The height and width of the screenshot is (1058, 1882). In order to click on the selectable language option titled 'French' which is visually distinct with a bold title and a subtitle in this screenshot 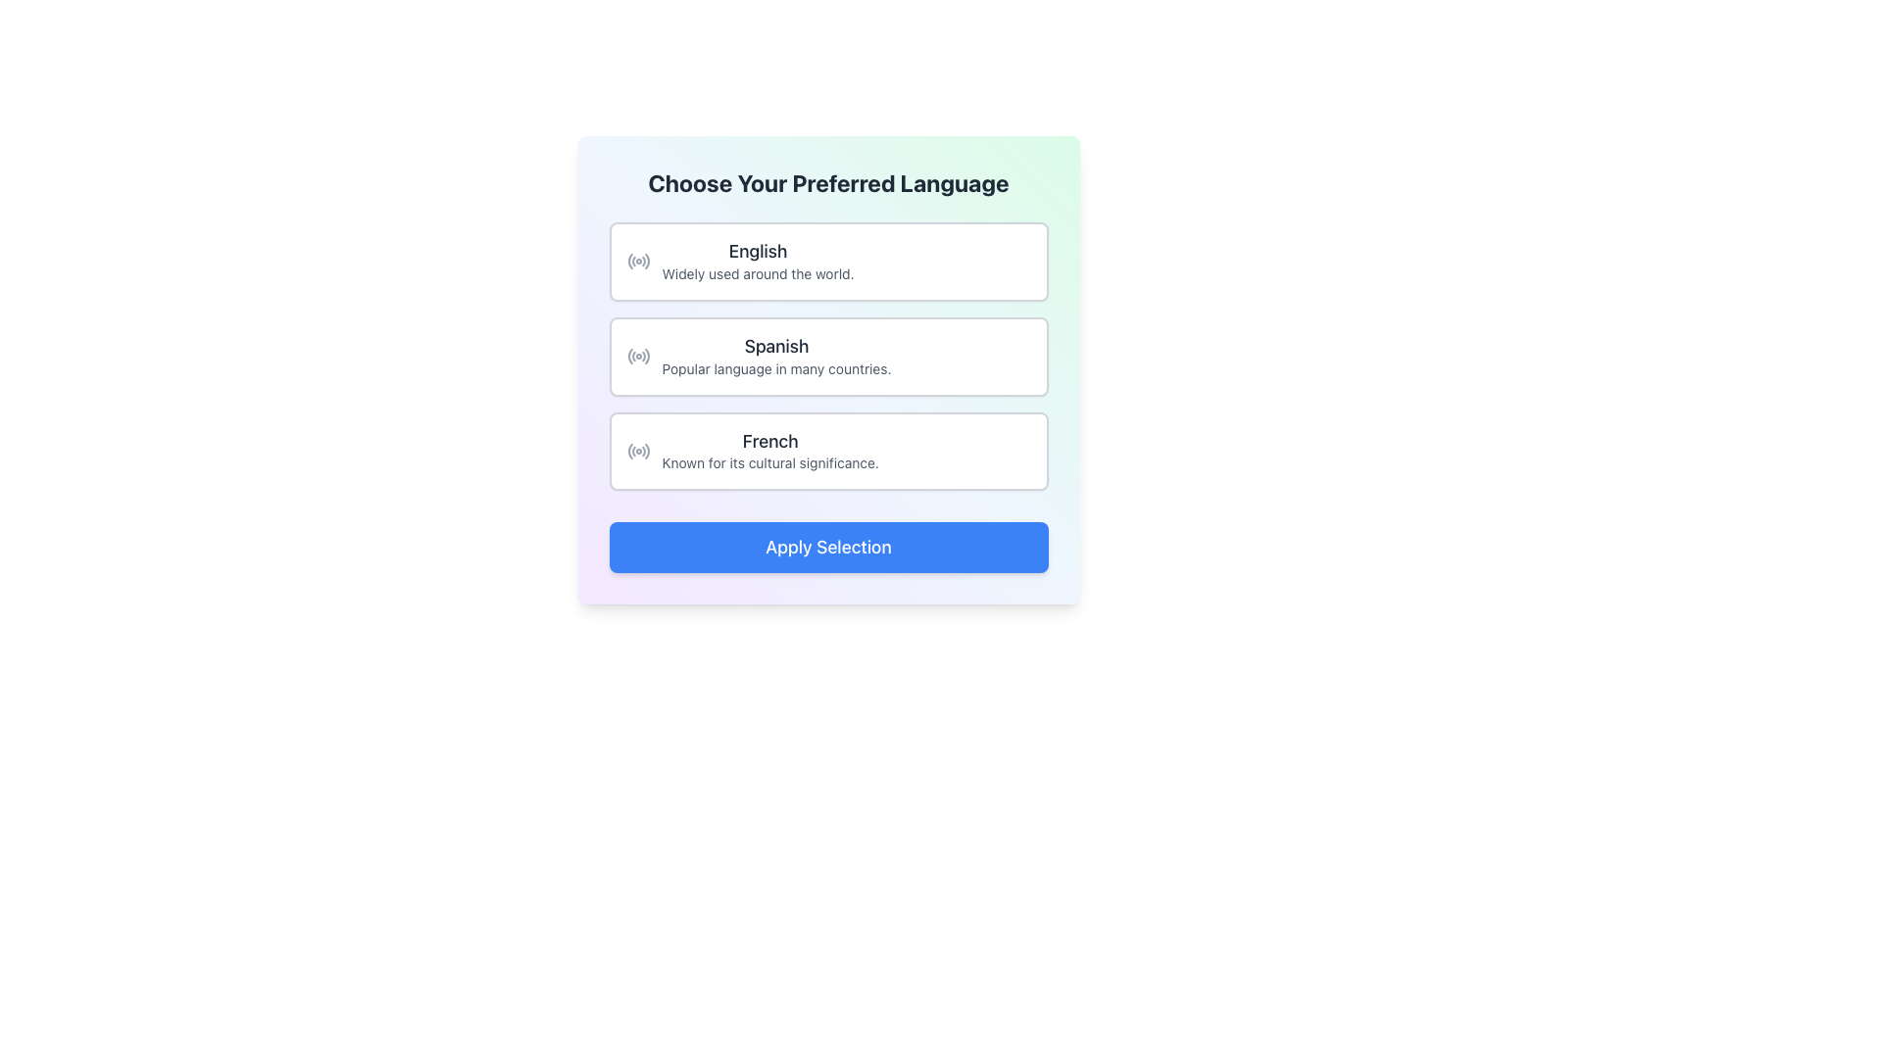, I will do `click(752, 451)`.